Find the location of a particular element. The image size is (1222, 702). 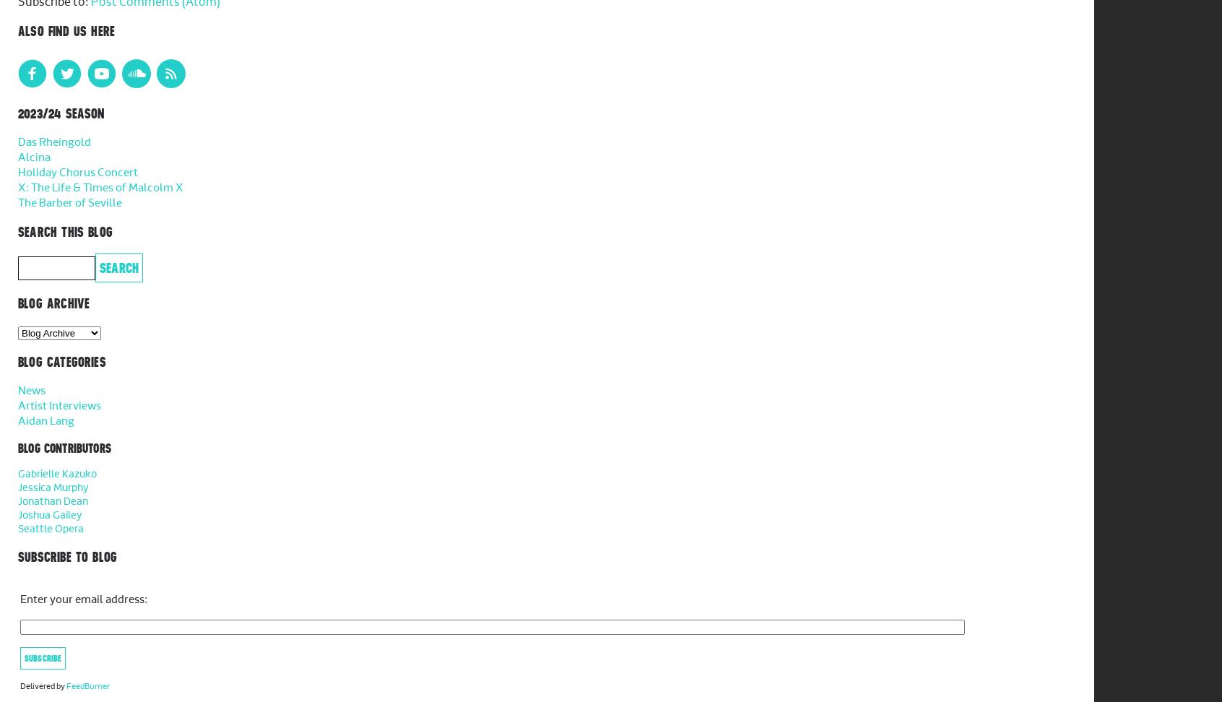

'Jessica Murphy' is located at coordinates (53, 487).